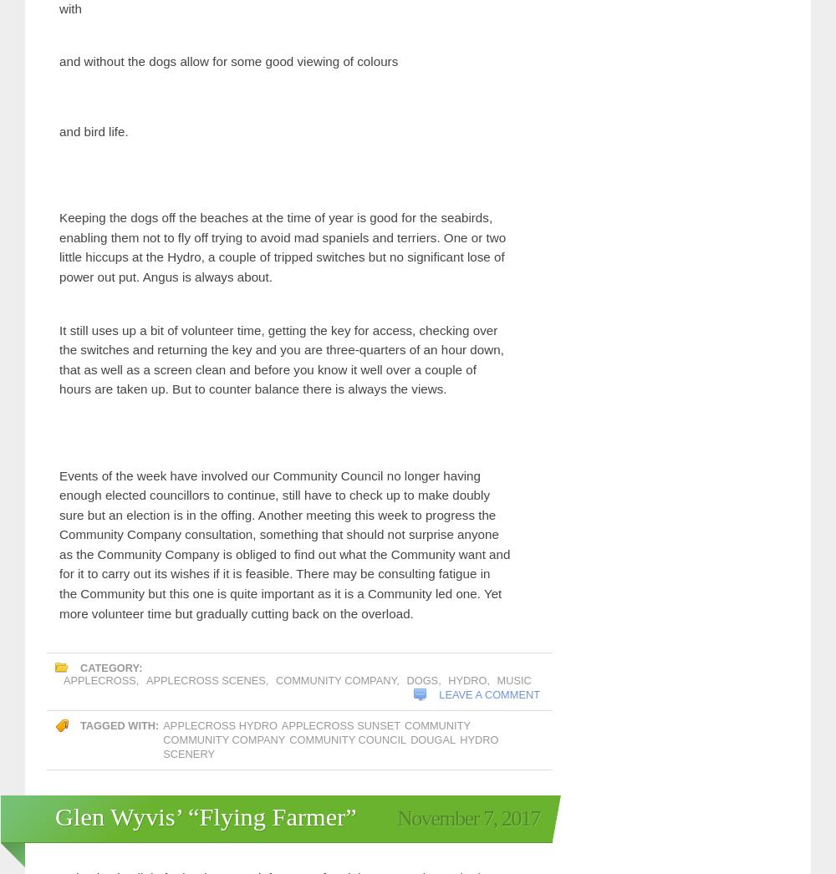 The width and height of the screenshot is (836, 874). Describe the element at coordinates (59, 204) in the screenshot. I see `'All familiar as I have seen the Dhol boys with Shooglenifty and have followed the Afro Celts for some time. The cross over of the Celts with the Asian and African sounds seem very natural and the evening was topped off with Griogair singing a fine Jacobean Gaelic song, aimed I think to get people’s feet back on the ground so they could wend their way home. Met up with other guys from Applecross, Sheildaig, Plockton and South Uist with other musicians spotted, a feeling of Scotland being just the right size of country where huge amounts of talent and camaraderie abound. Been asked to write an article and blog post for another site so going to have to put deadline on myself to get both done. May be away for a couple of days……but then something else may happen.'` at that location.